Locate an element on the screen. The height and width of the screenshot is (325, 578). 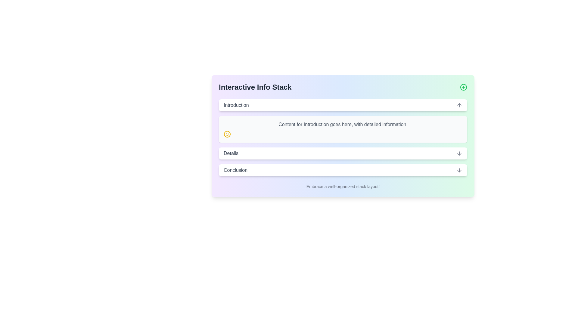
the 'Conclusion' text label, which serves as a header for the conclusion section of the interface, located in the bottom portion beneath the 'Details' section is located at coordinates (235, 170).